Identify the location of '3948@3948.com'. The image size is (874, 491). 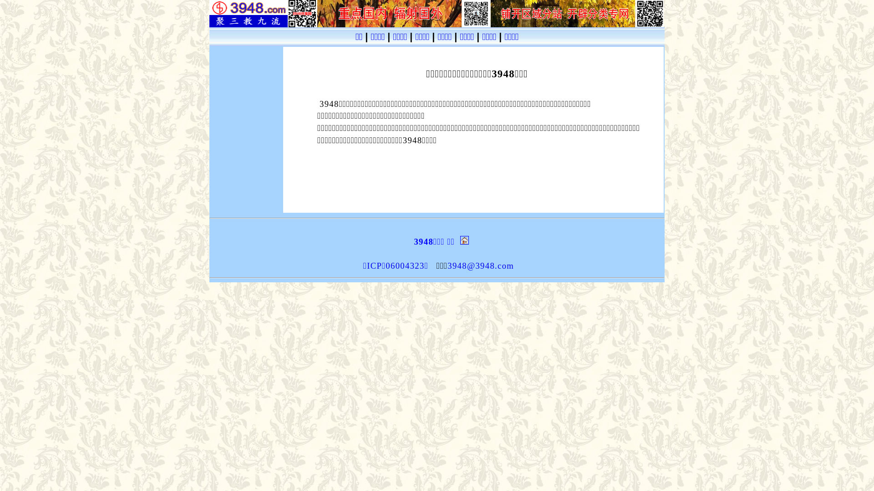
(480, 266).